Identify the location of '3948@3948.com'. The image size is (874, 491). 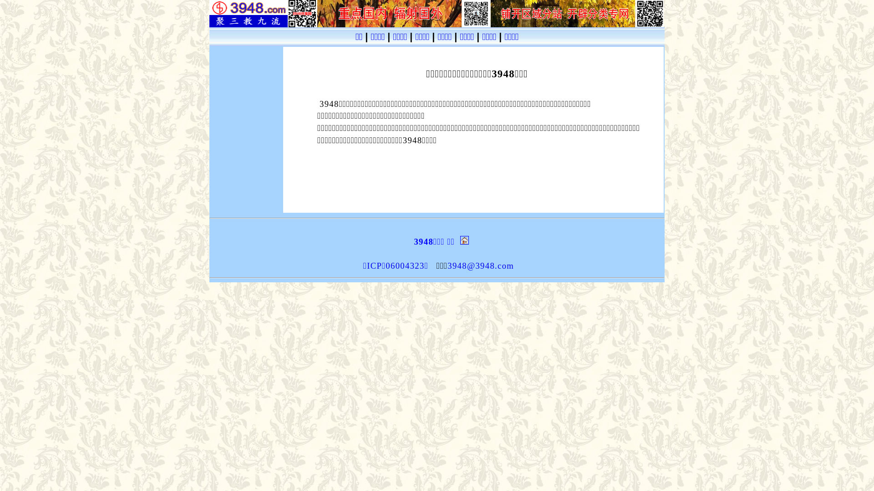
(480, 266).